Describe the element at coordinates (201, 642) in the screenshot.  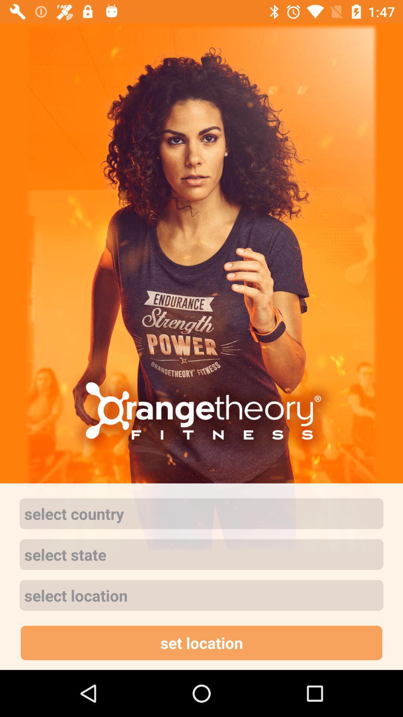
I see `the set location` at that location.